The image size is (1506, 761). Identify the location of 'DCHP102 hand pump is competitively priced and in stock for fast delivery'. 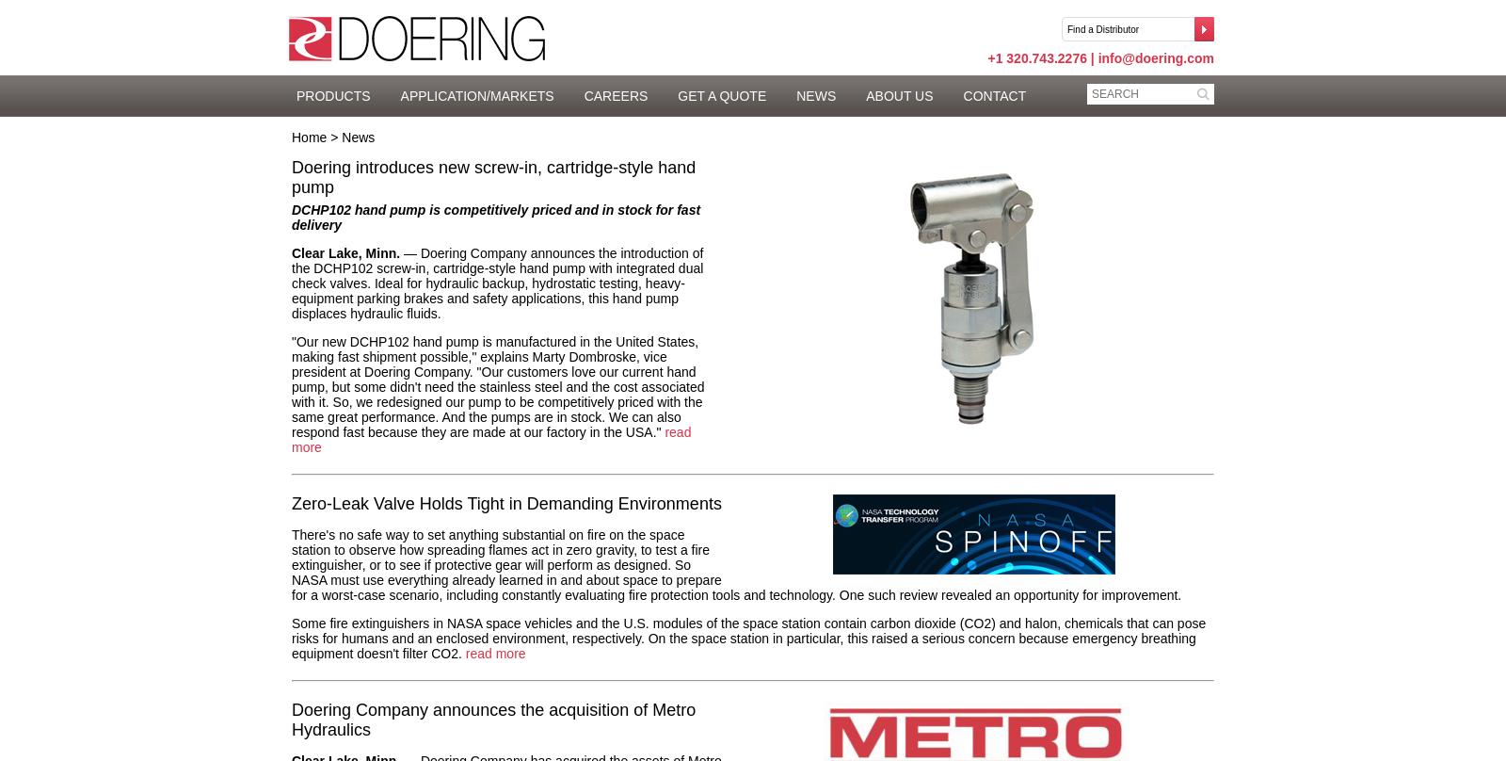
(495, 218).